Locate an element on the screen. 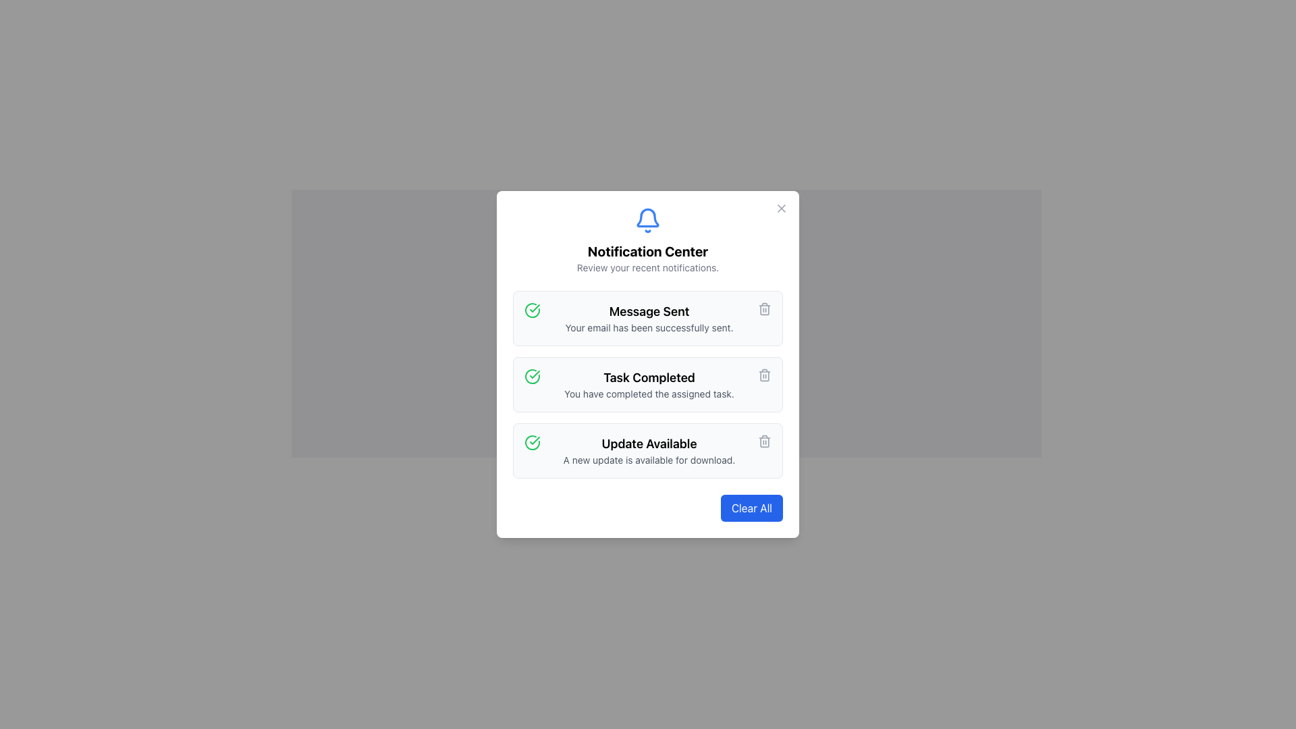 This screenshot has width=1296, height=729. text from the Text Label located underneath the 'Update Available' header in the notification card is located at coordinates (649, 460).